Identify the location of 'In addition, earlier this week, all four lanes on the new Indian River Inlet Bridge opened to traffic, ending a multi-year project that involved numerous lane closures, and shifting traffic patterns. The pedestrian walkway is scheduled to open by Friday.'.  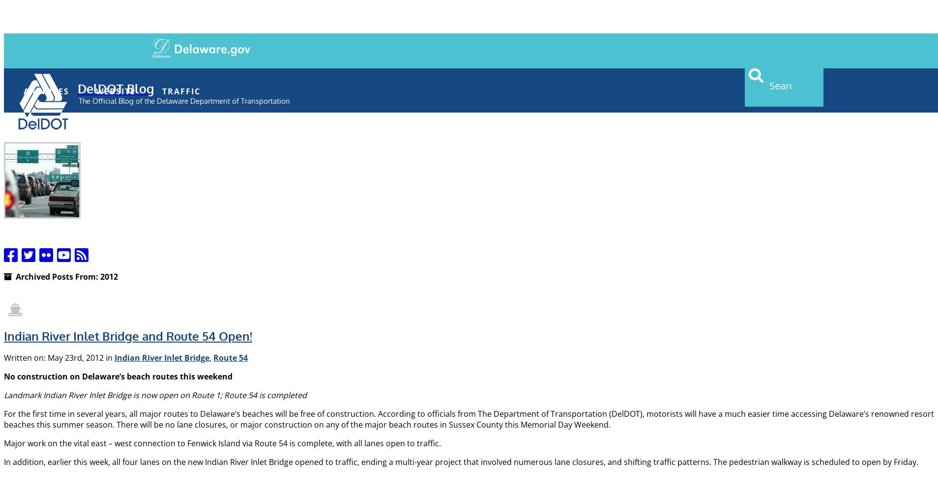
(461, 462).